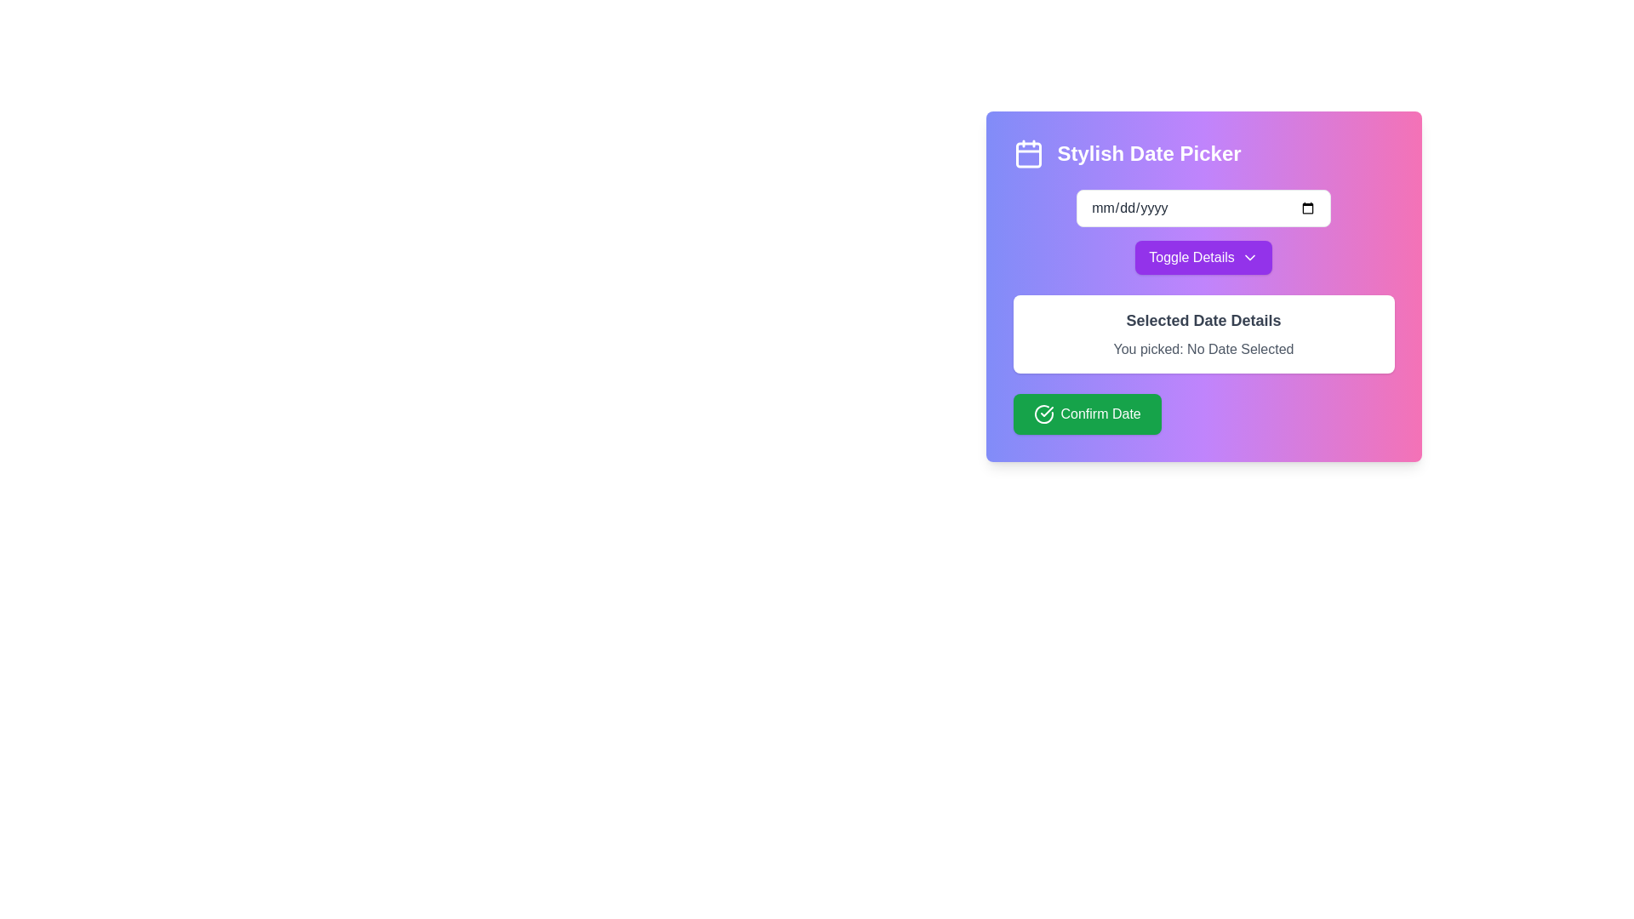 The width and height of the screenshot is (1634, 919). Describe the element at coordinates (1203, 258) in the screenshot. I see `the button that toggles the visibility of additional details related to the date picker, located beneath the date input field and above the date details text` at that location.